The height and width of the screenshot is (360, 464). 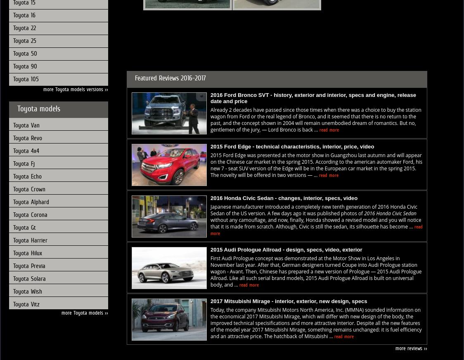 I want to click on '2016 Ford Bronco SVT - history, exterior and interior, specs and engine, release date and price', so click(x=210, y=97).